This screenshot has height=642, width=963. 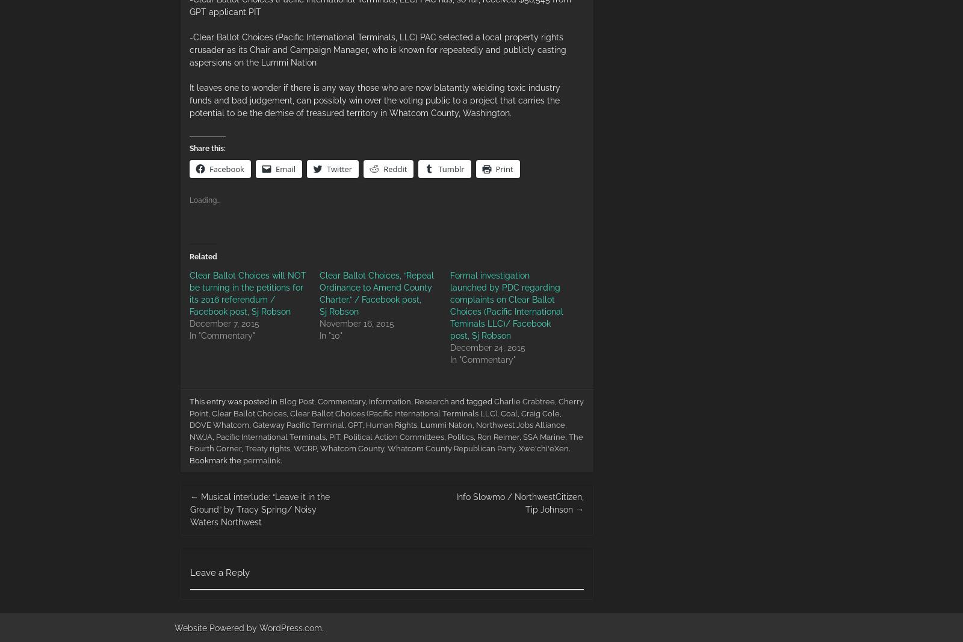 What do you see at coordinates (190, 572) in the screenshot?
I see `'Leave a Reply'` at bounding box center [190, 572].